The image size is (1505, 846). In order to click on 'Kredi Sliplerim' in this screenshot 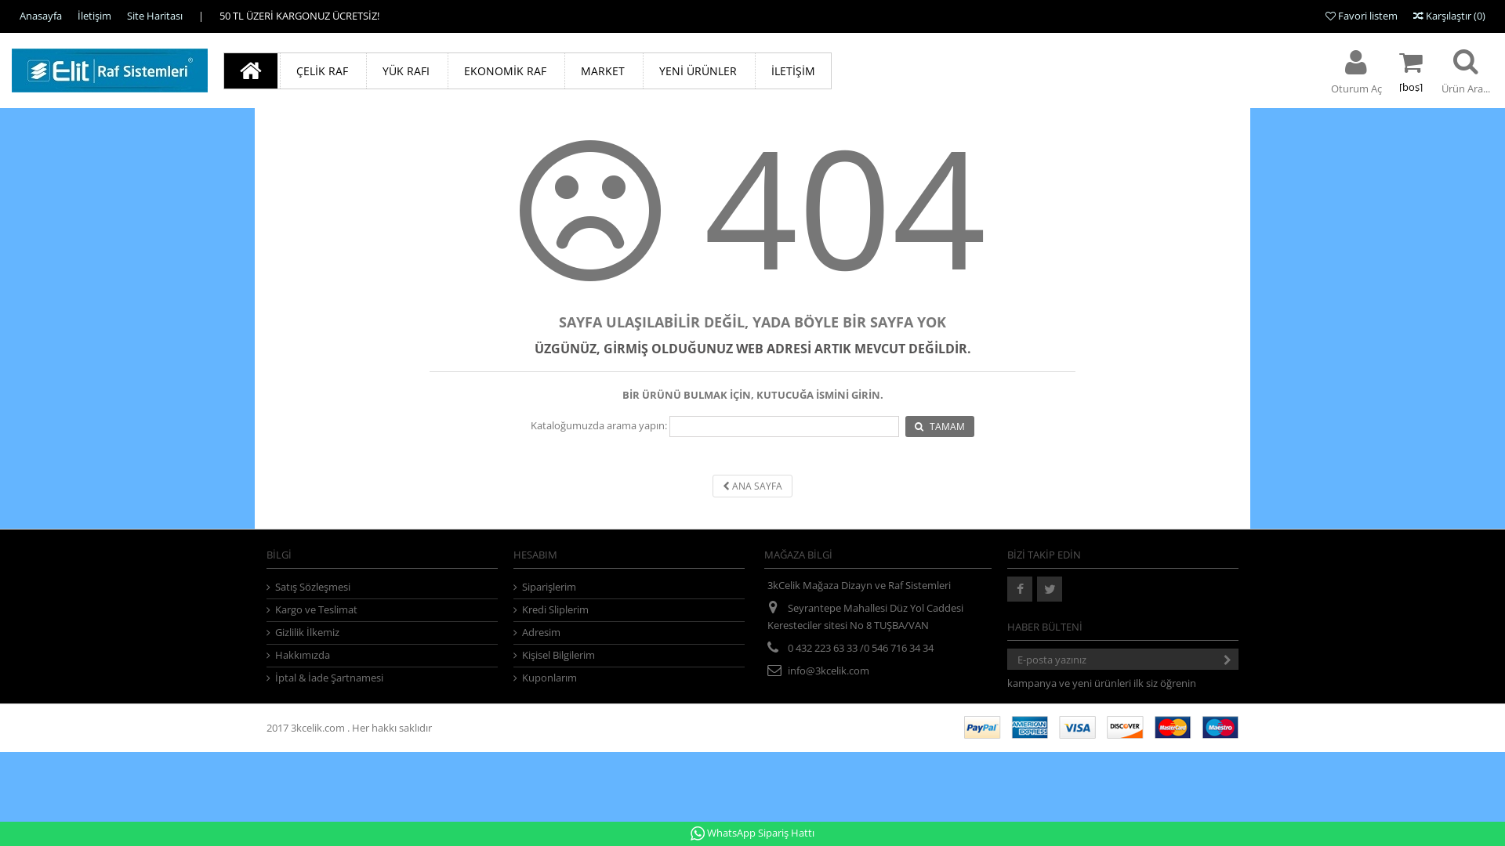, I will do `click(629, 609)`.